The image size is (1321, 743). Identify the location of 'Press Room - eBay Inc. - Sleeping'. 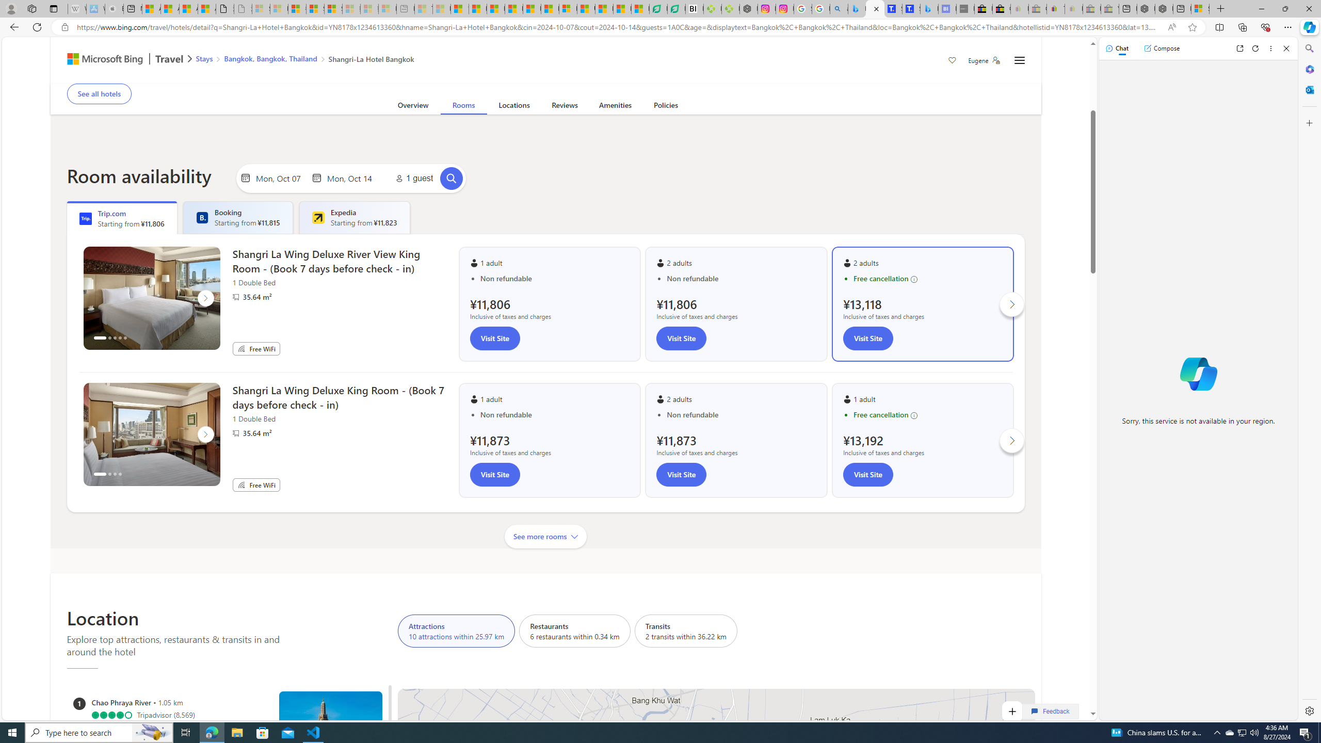
(1091, 8).